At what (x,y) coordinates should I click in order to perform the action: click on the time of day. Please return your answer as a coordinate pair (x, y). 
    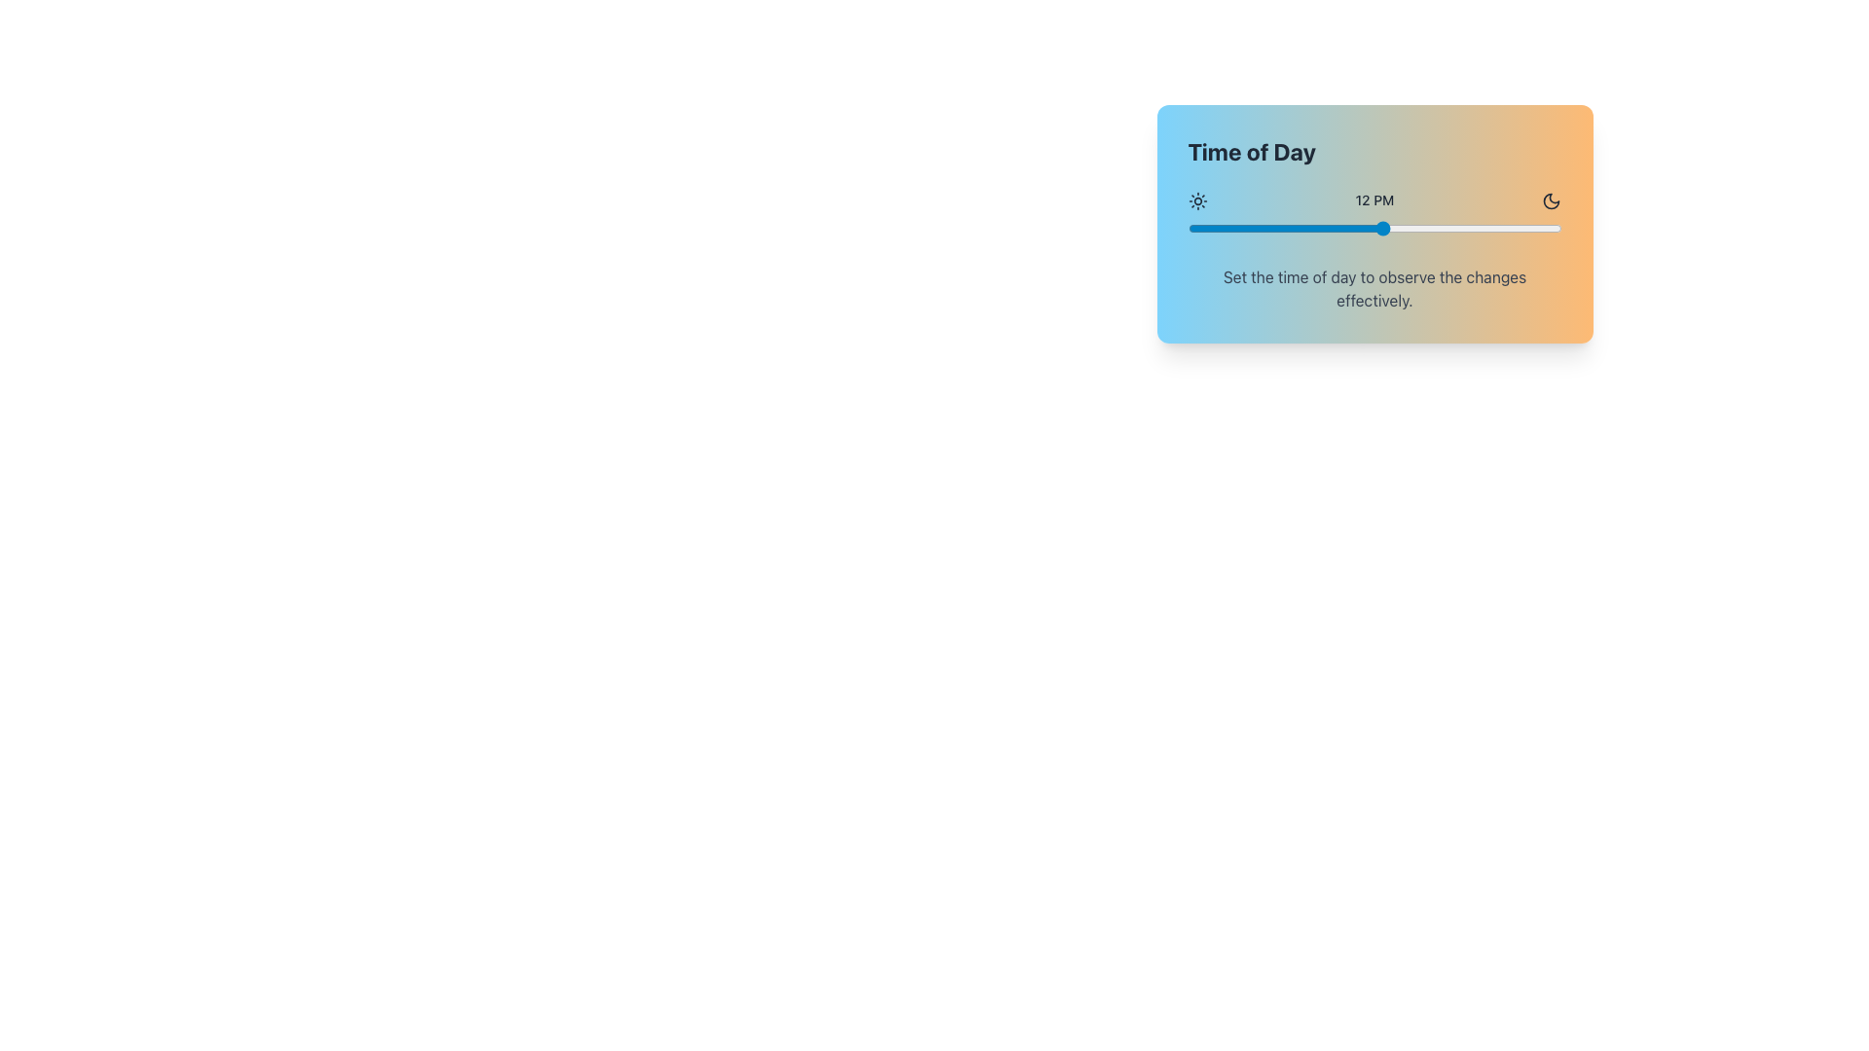
    Looking at the image, I should click on (1301, 228).